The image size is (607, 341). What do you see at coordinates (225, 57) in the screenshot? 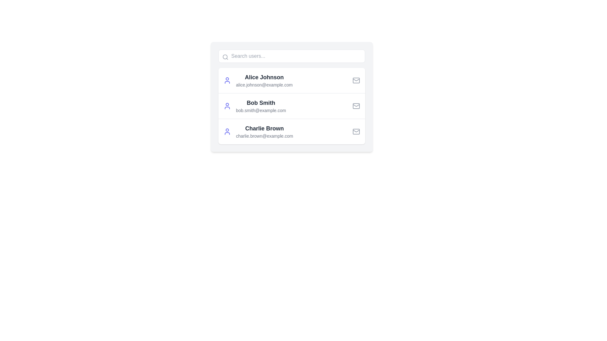
I see `the search icon located on the left side of the rounded rectangular search input field at the top part of the UI layout` at bounding box center [225, 57].